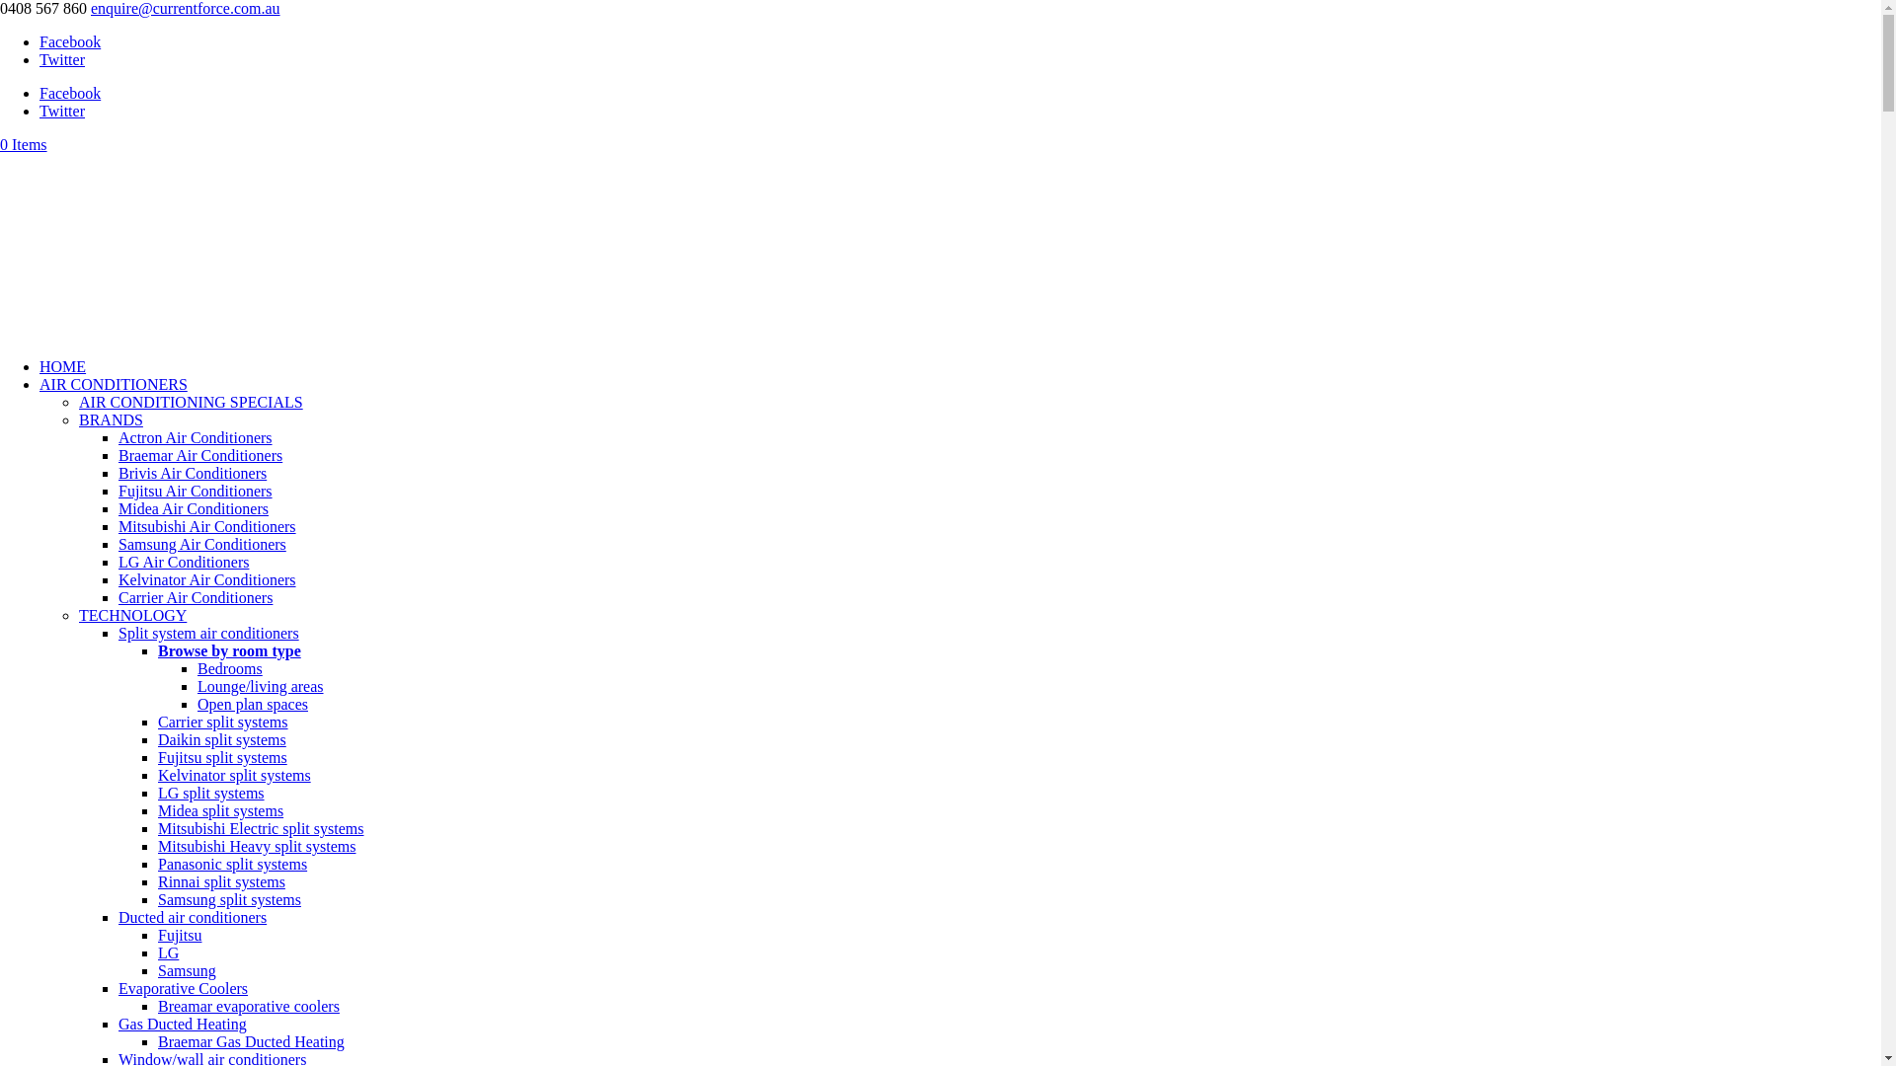 This screenshot has height=1066, width=1896. I want to click on 'Breamar evaporative coolers', so click(248, 1006).